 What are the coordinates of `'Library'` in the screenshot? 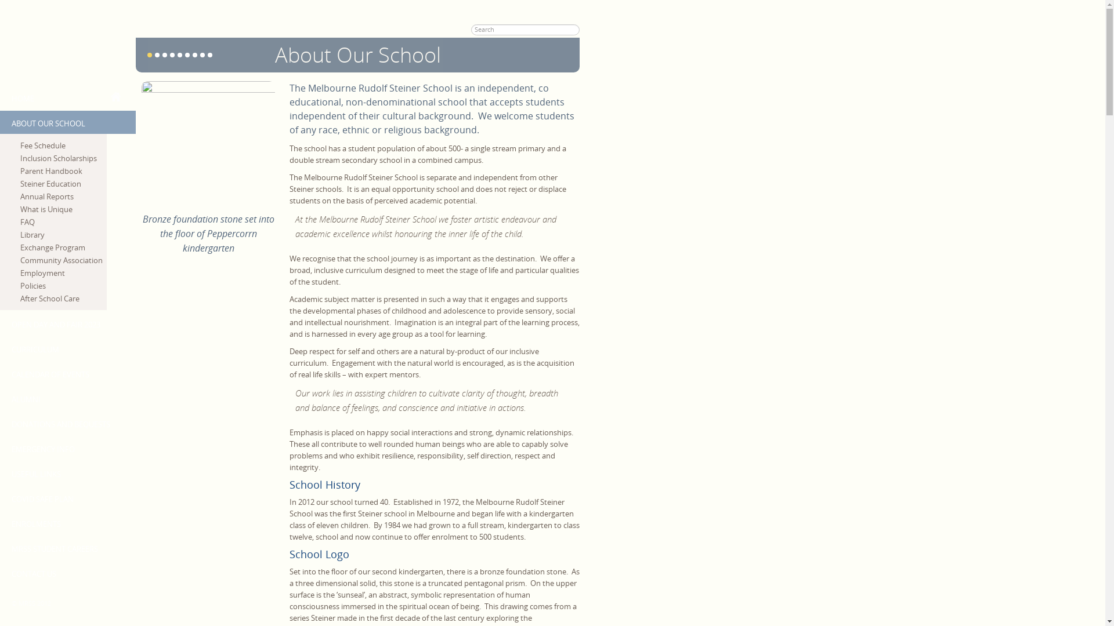 It's located at (20, 235).